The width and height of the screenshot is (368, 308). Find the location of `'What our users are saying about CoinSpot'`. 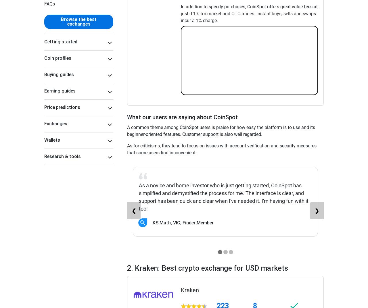

'What our users are saying about CoinSpot' is located at coordinates (182, 117).